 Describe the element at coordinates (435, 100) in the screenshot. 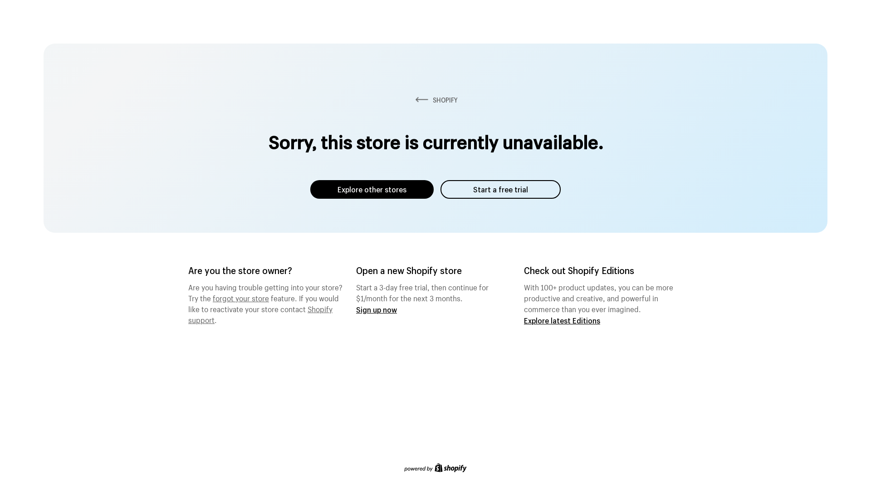

I see `'SHOPIFY'` at that location.